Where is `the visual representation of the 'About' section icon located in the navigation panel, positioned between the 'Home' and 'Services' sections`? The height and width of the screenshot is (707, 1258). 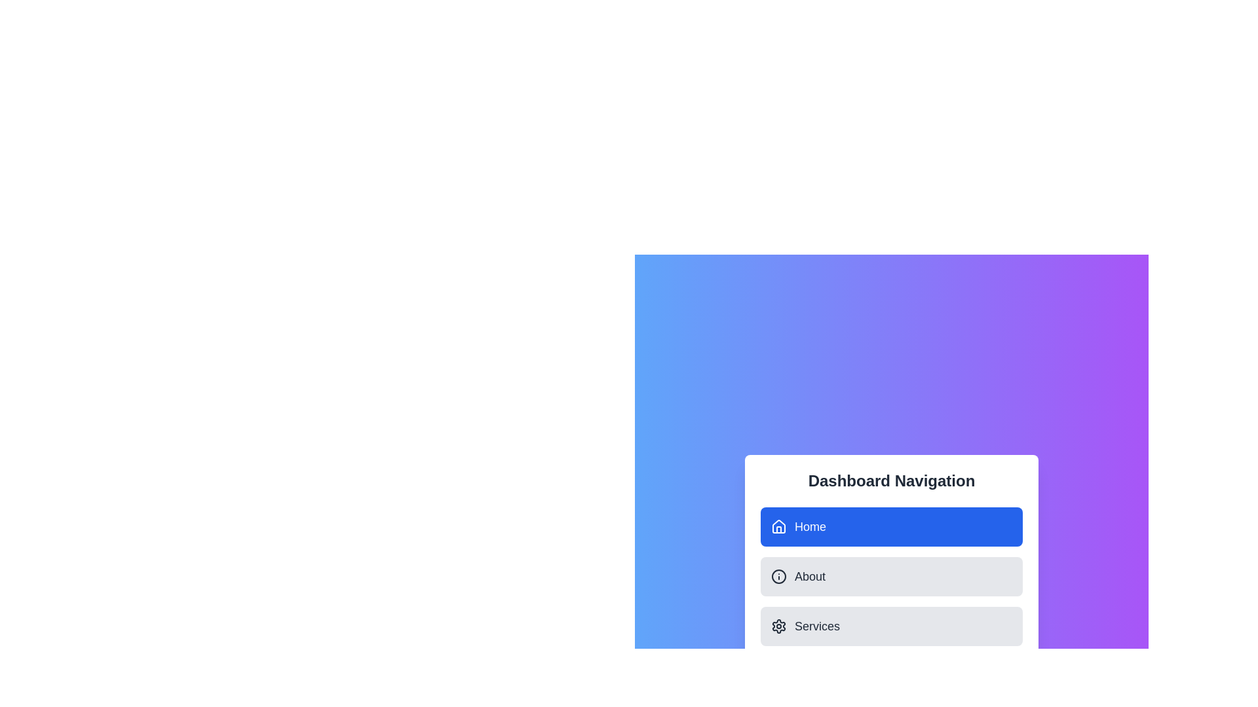 the visual representation of the 'About' section icon located in the navigation panel, positioned between the 'Home' and 'Services' sections is located at coordinates (779, 575).